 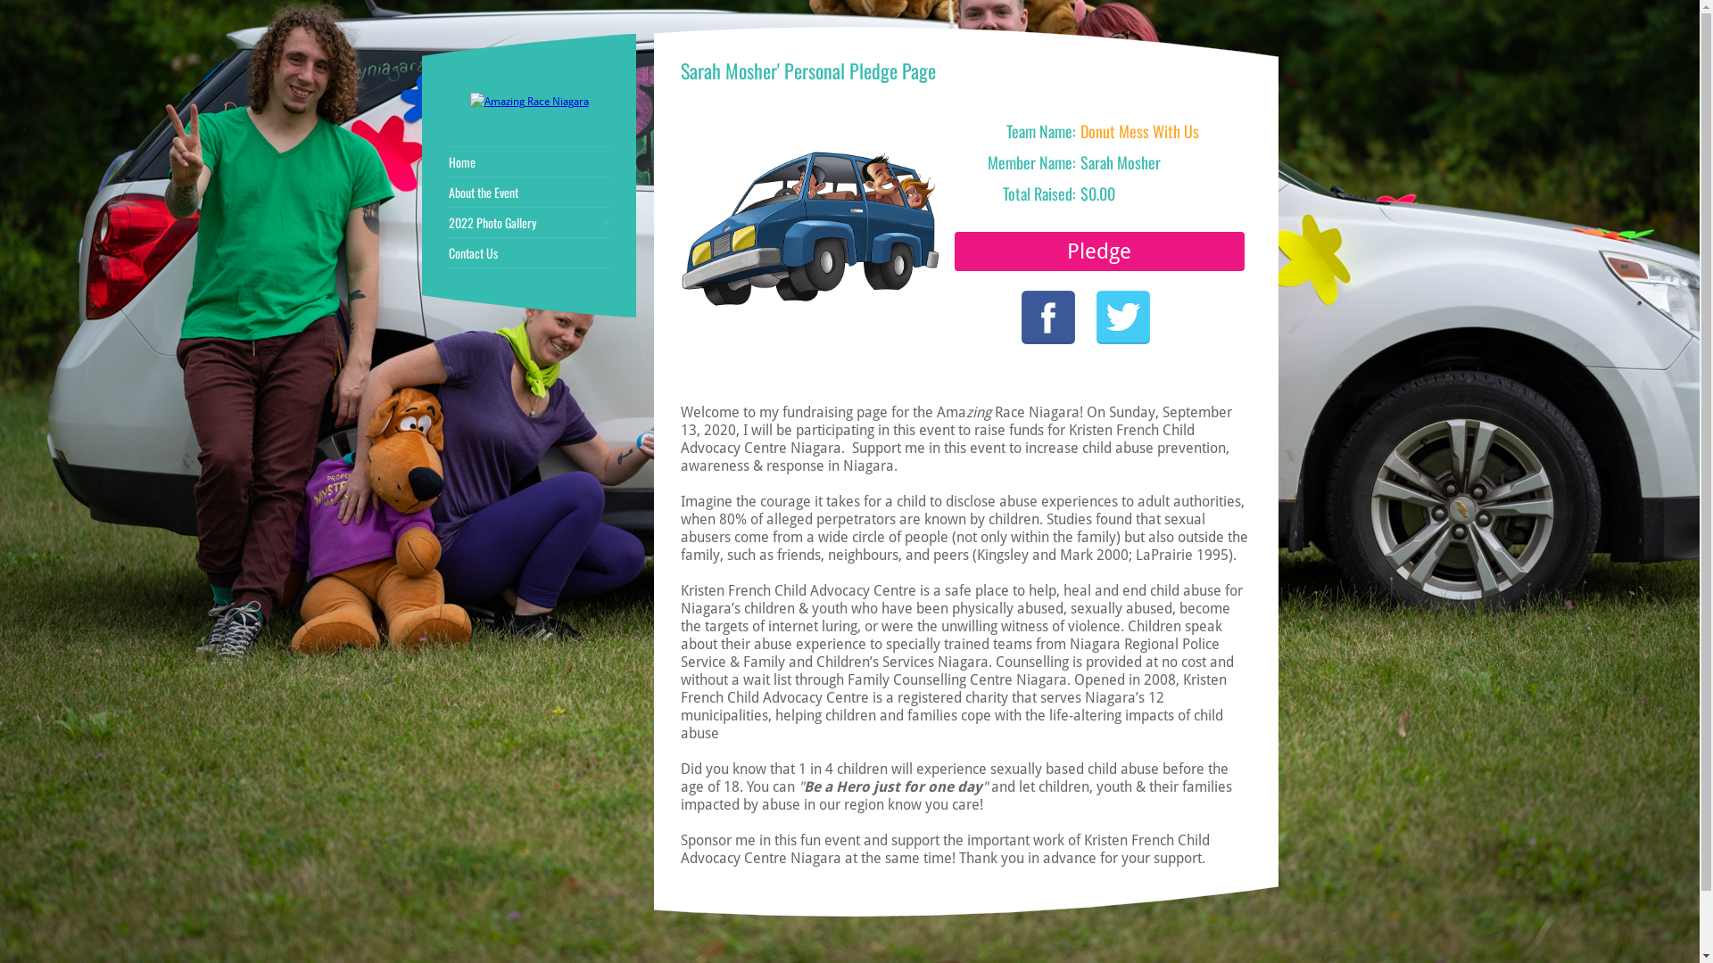 I want to click on 'Donut Mess With Us', so click(x=1079, y=129).